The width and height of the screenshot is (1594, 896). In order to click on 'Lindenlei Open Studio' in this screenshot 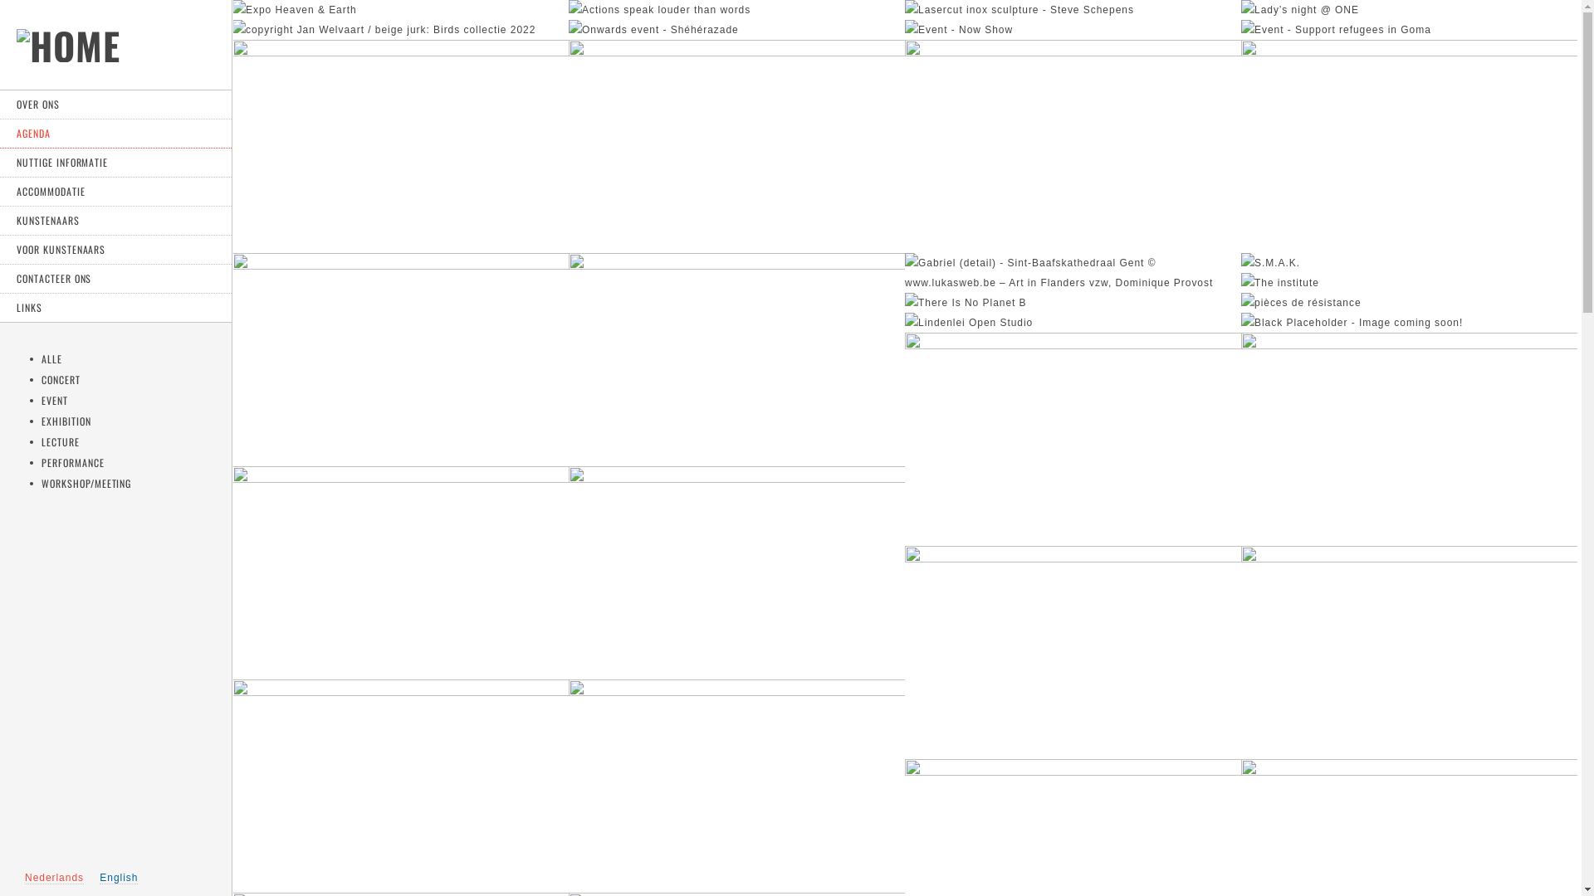, I will do `click(903, 323)`.